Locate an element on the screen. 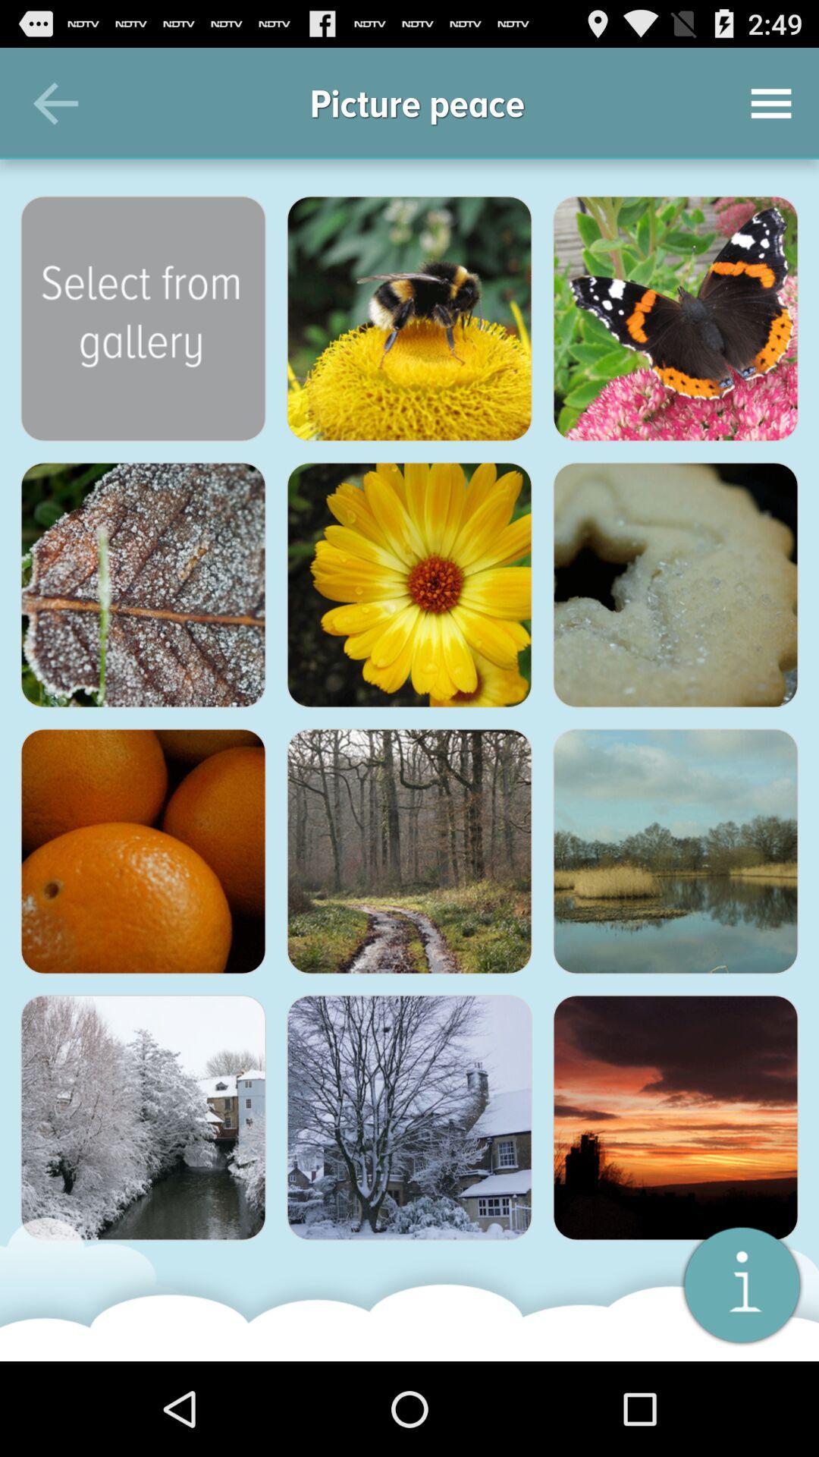  icon at the bottom is located at coordinates (409, 1118).